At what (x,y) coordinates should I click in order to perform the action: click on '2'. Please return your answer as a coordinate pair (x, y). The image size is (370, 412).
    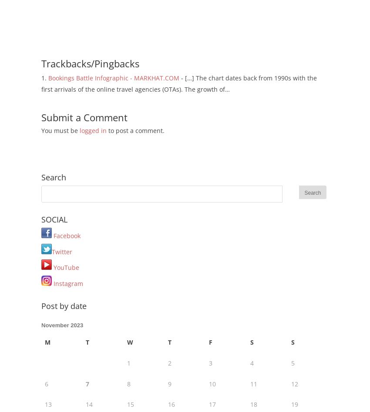
    Looking at the image, I should click on (168, 362).